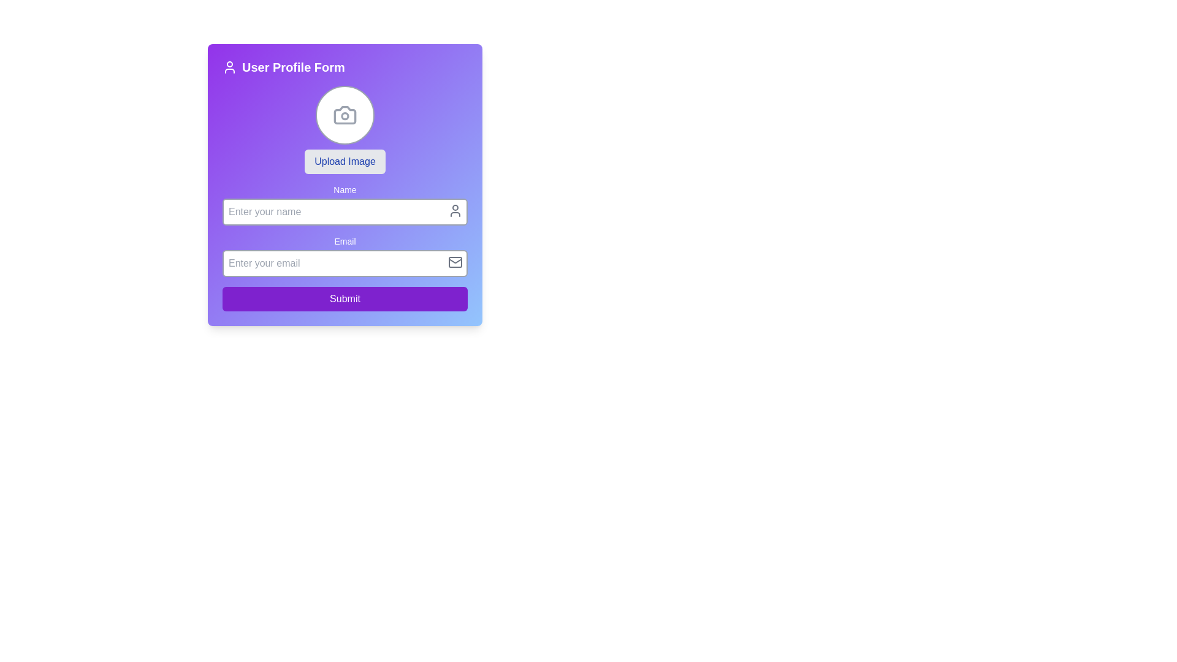 This screenshot has height=662, width=1177. Describe the element at coordinates (344, 204) in the screenshot. I see `the text input field for entering the user's name, which is located in the center of a form with a purple gradient background, directly below the 'Upload Image' button and above the 'Email' input field, to focus on it` at that location.